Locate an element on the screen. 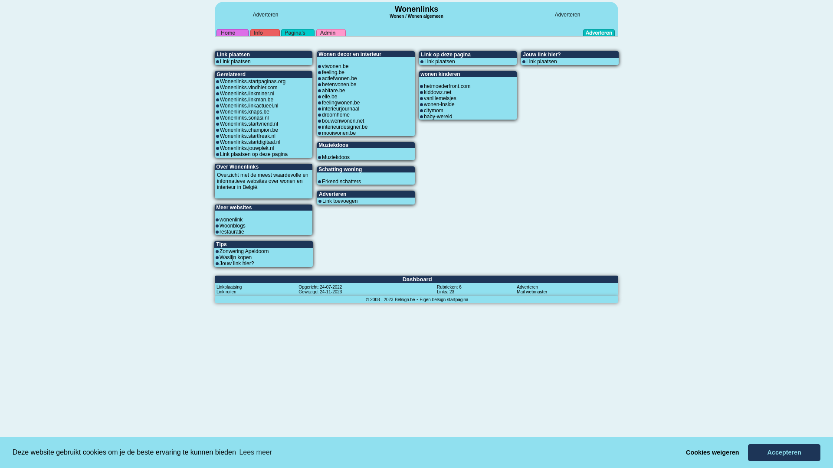 The width and height of the screenshot is (833, 468). 'hetmoederfront.com' is located at coordinates (447, 86).